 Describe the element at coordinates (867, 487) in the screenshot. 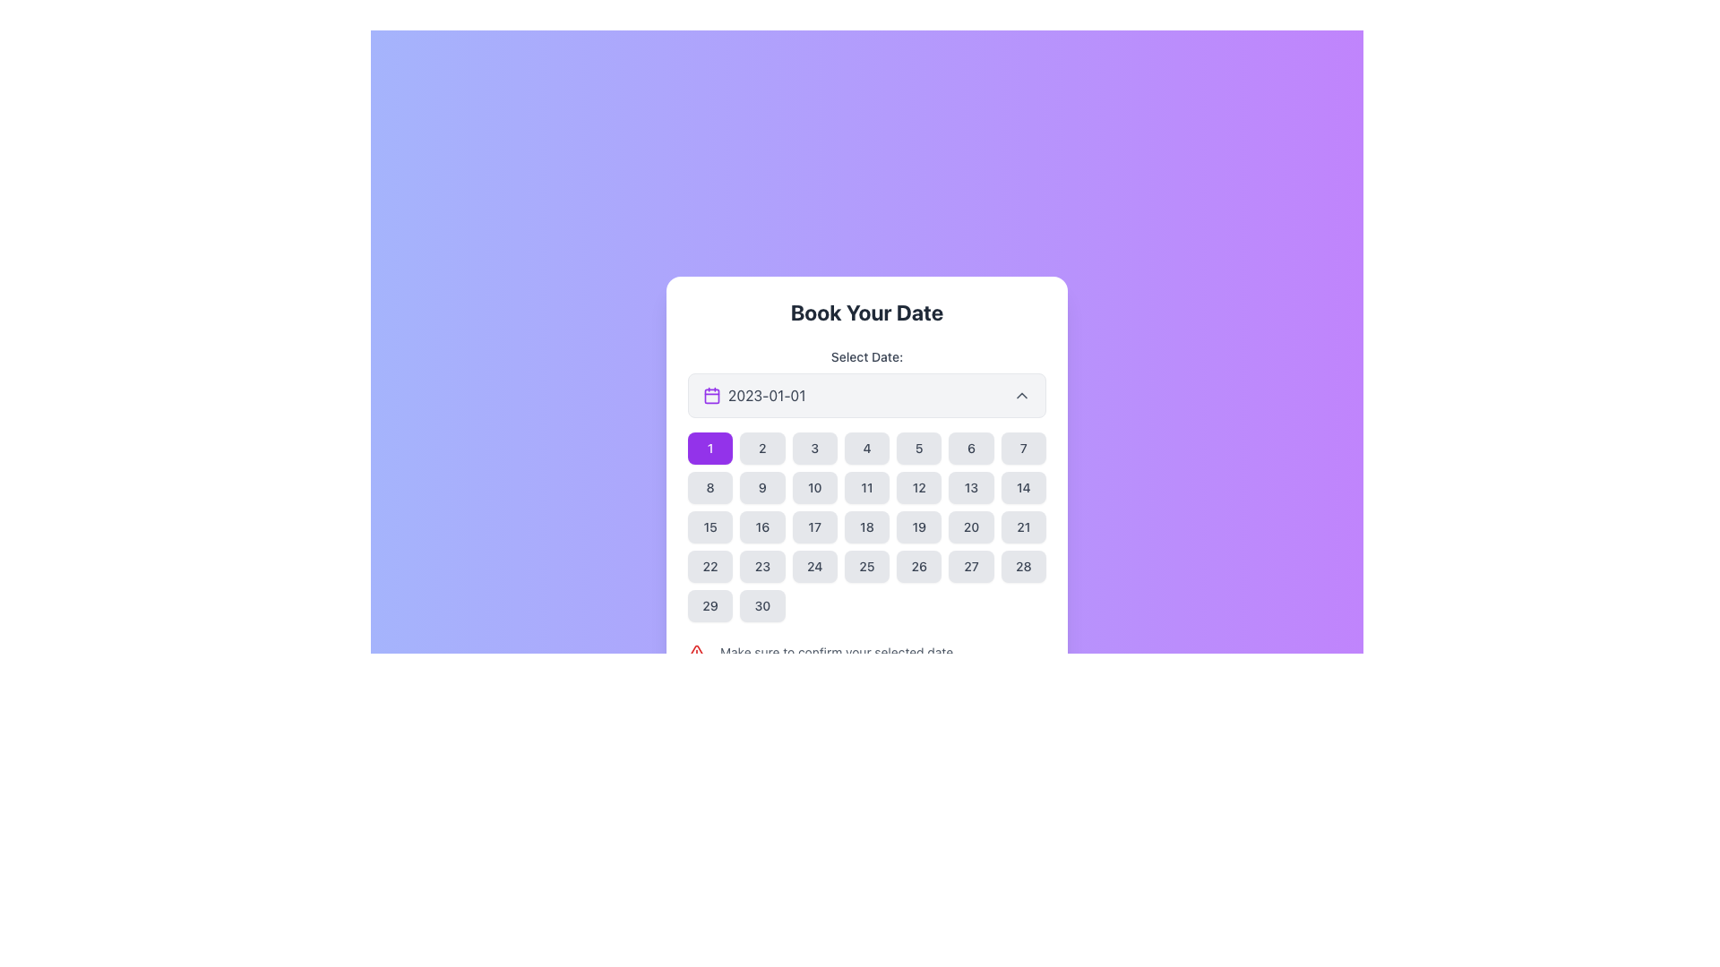

I see `the date selection button for '11' located in the fourth row and third column of the calendar interface` at that location.